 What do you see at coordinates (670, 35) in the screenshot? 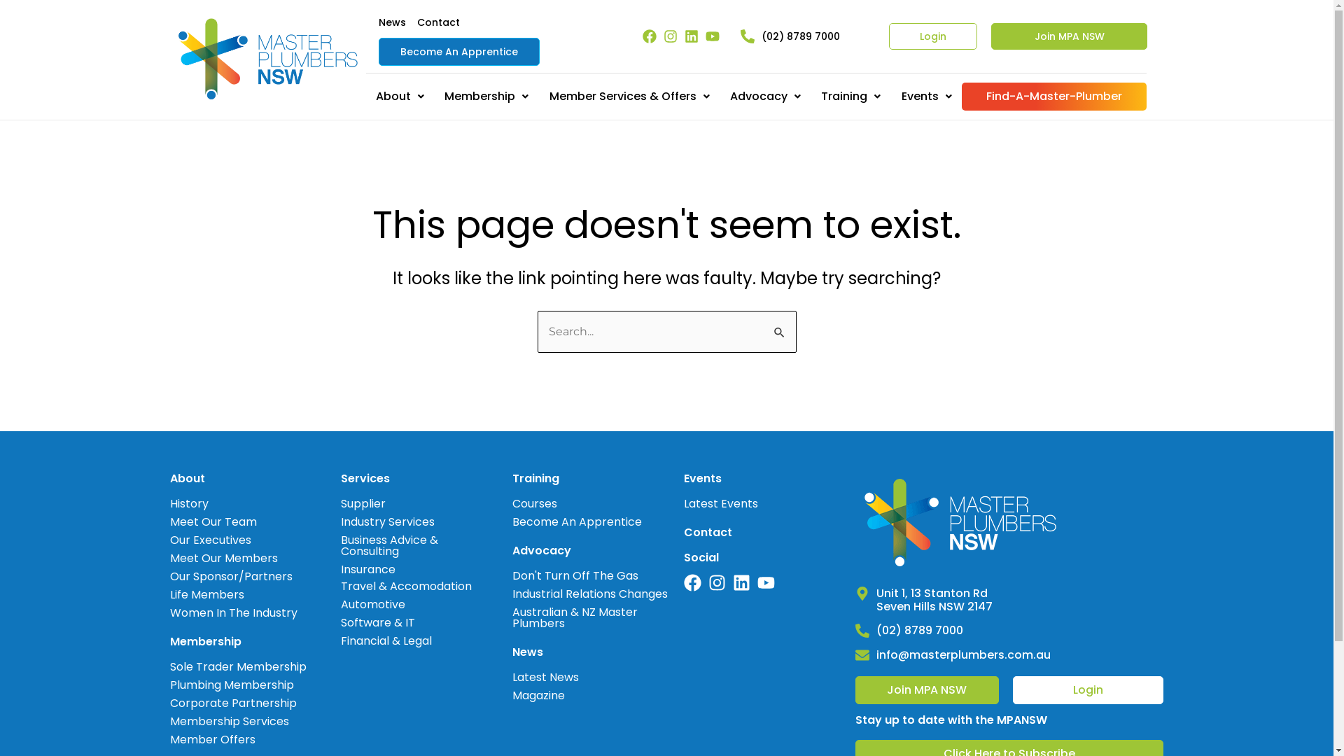
I see `'Instagram'` at bounding box center [670, 35].